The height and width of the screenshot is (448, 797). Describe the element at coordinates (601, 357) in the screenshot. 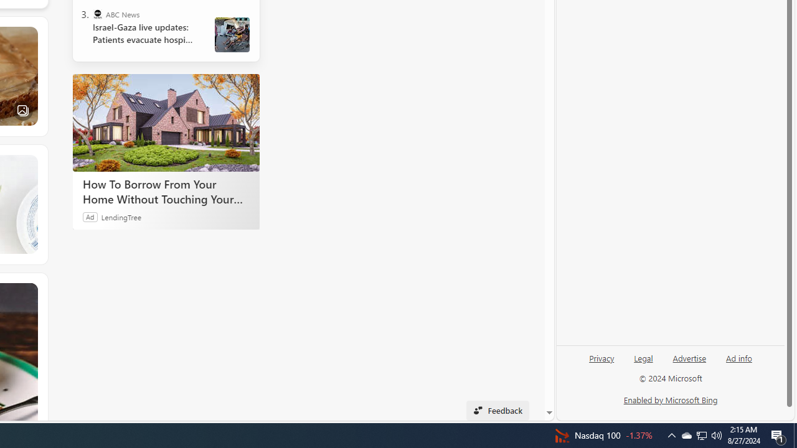

I see `'Privacy'` at that location.